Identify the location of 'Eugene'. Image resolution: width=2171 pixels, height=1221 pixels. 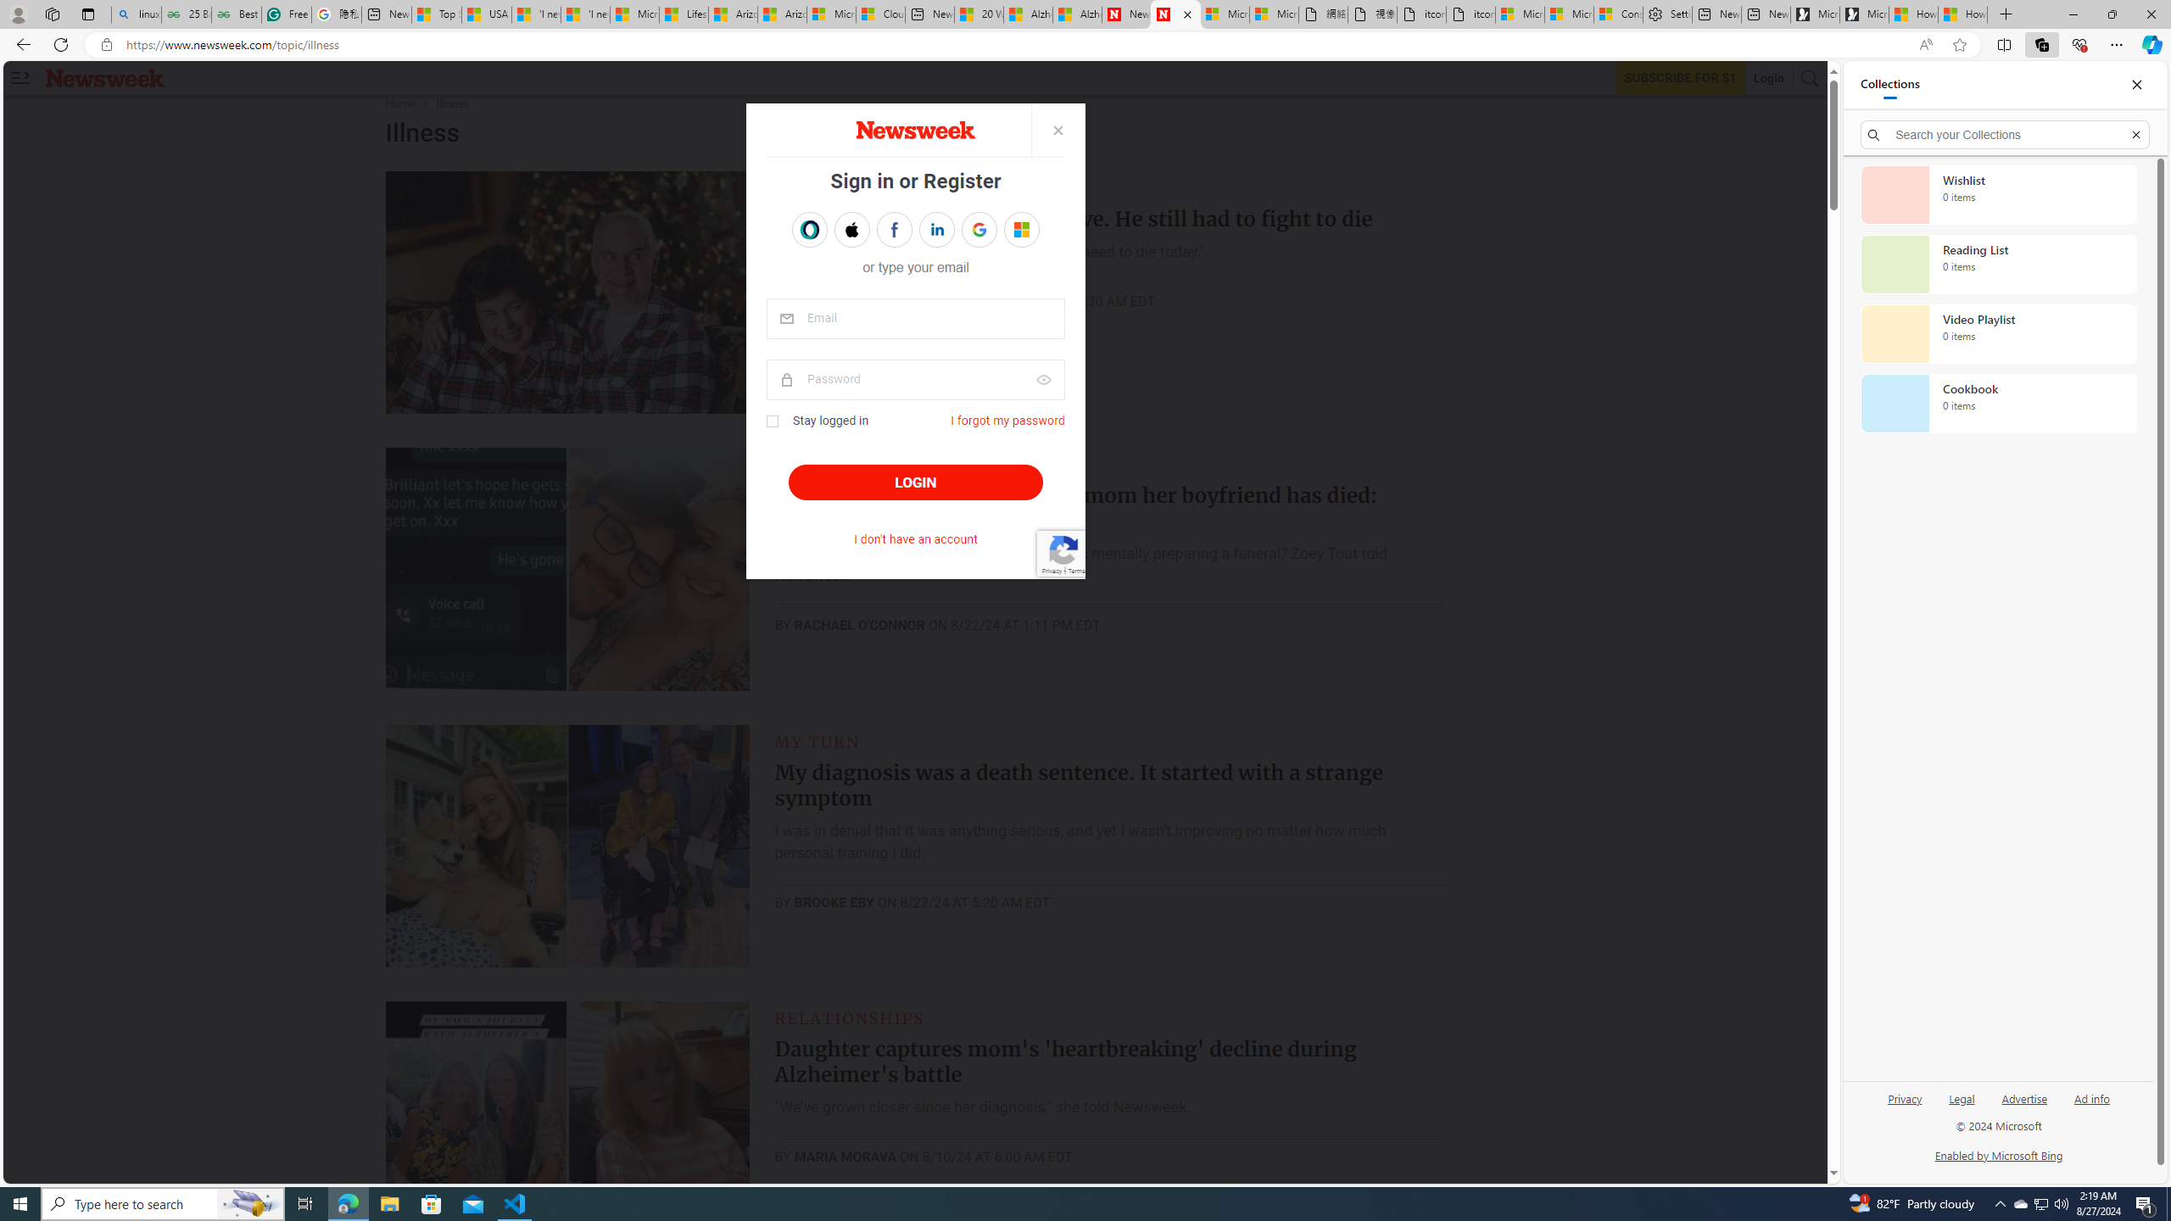
(1009, 228).